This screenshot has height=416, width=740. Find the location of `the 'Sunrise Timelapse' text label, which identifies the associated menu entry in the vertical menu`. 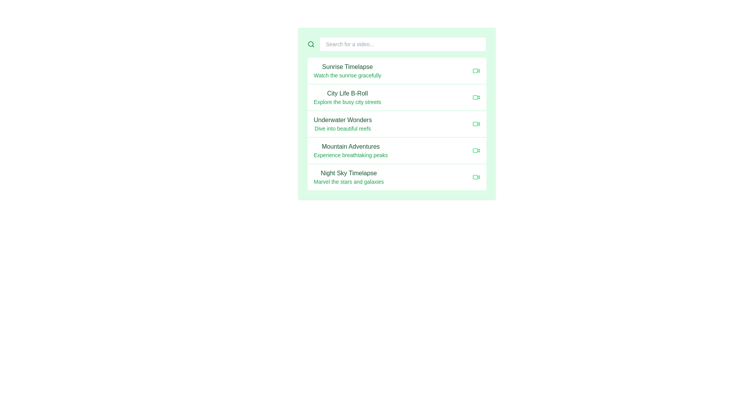

the 'Sunrise Timelapse' text label, which identifies the associated menu entry in the vertical menu is located at coordinates (347, 66).